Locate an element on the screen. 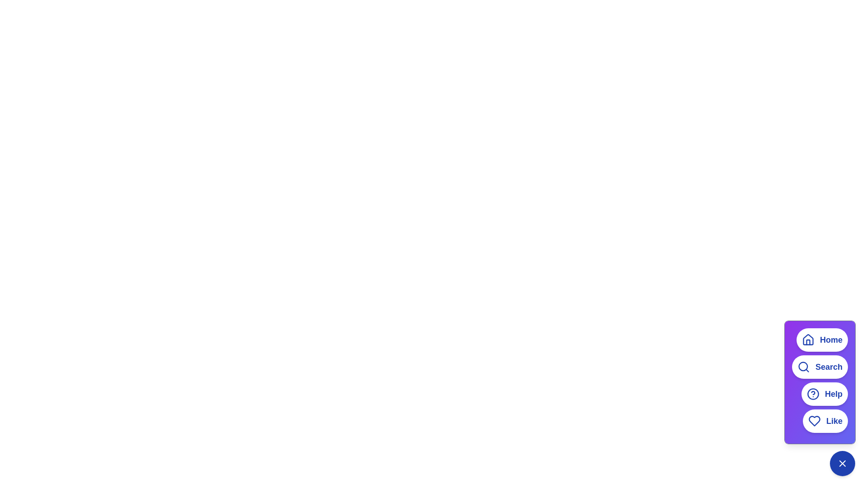 This screenshot has width=866, height=487. 'Close menu' button to collapse the menu is located at coordinates (842, 464).